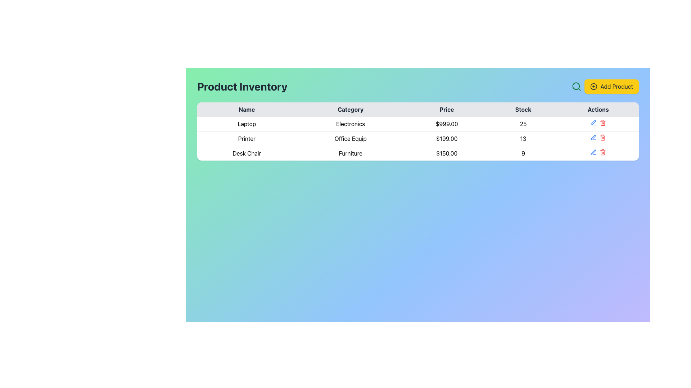  I want to click on the 'Add Product' button located in the upper-right corner of the interface, which features bold dark gray text on a yellow background, so click(616, 86).